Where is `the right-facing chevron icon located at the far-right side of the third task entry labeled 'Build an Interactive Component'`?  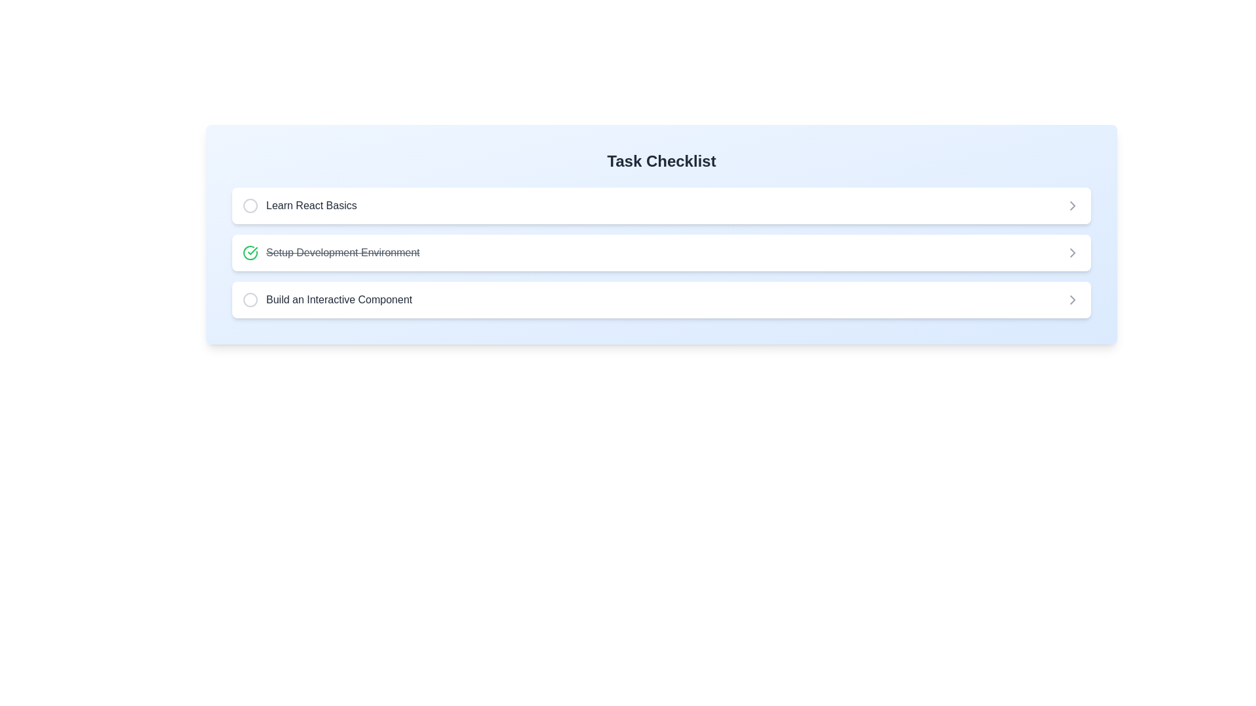 the right-facing chevron icon located at the far-right side of the third task entry labeled 'Build an Interactive Component' is located at coordinates (1073, 300).